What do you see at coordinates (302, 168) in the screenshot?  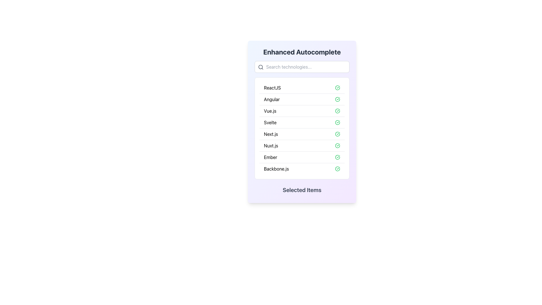 I see `the eighth list item representing the 'Backbone.js' framework` at bounding box center [302, 168].